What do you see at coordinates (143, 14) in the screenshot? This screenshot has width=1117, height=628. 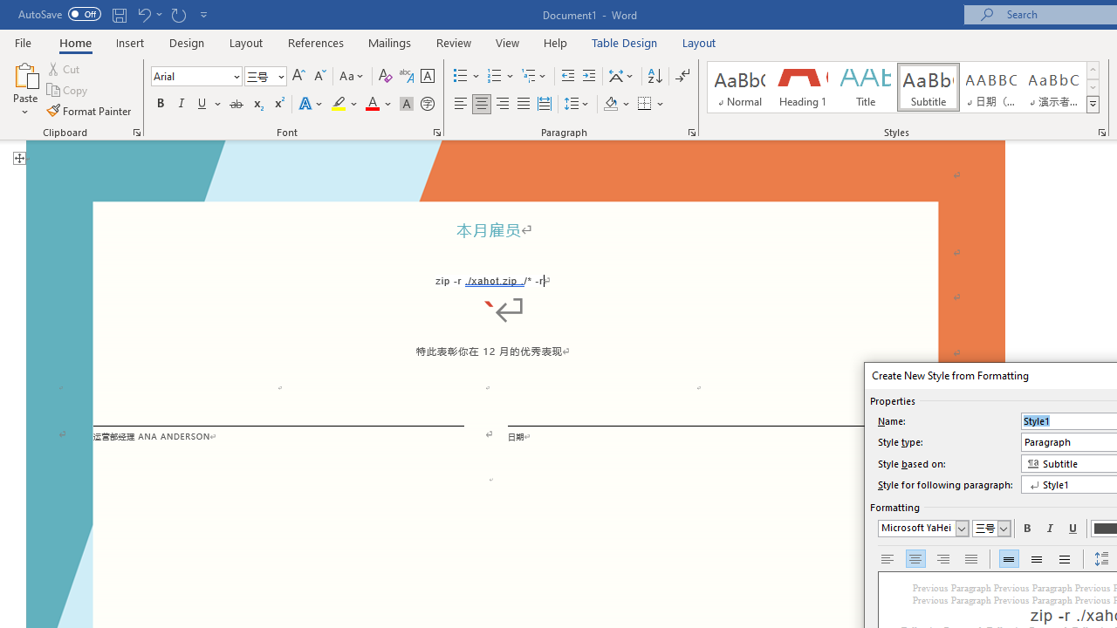 I see `'Undo Paste'` at bounding box center [143, 14].